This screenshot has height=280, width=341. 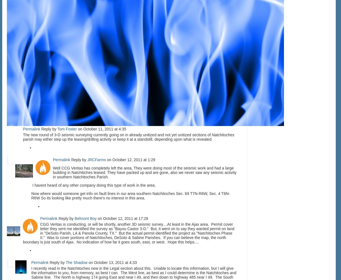 I want to click on 'I havent heard of any other company doing this type of work in the area.', so click(x=93, y=185).